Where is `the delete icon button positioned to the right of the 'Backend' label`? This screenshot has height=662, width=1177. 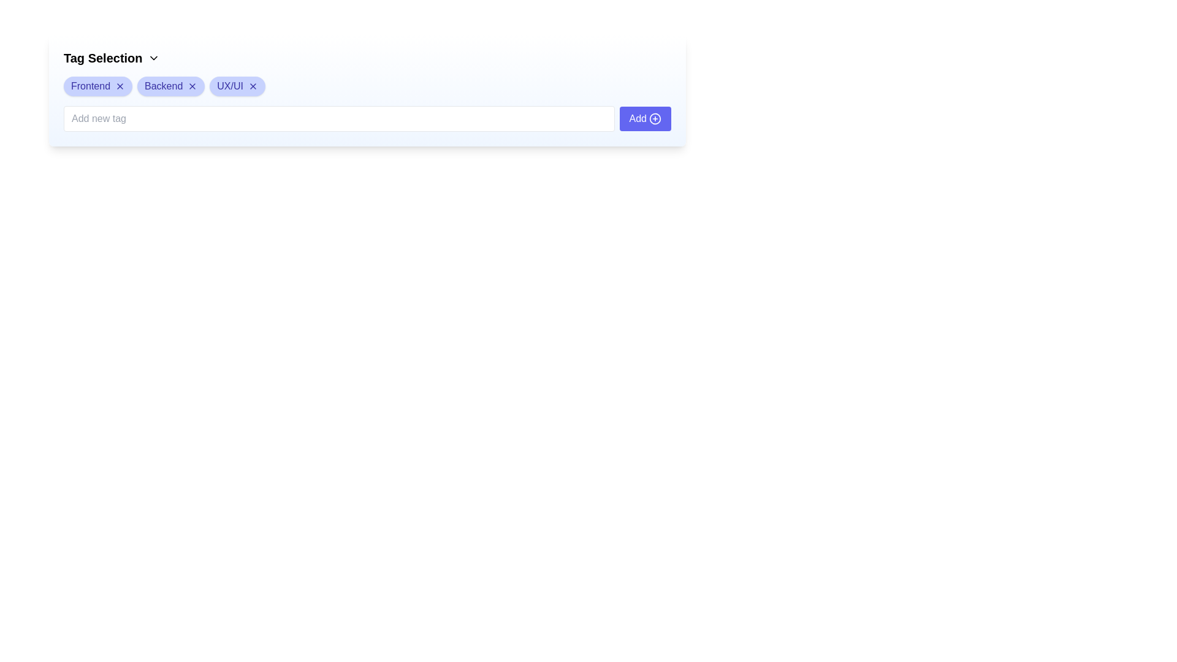 the delete icon button positioned to the right of the 'Backend' label is located at coordinates (192, 86).